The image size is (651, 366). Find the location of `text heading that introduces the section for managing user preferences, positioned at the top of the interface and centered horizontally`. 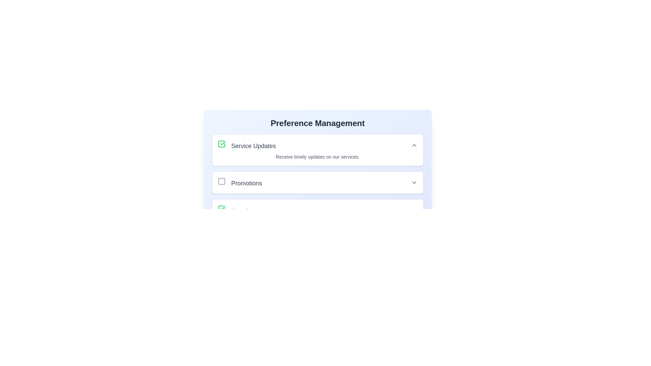

text heading that introduces the section for managing user preferences, positioned at the top of the interface and centered horizontally is located at coordinates (317, 123).